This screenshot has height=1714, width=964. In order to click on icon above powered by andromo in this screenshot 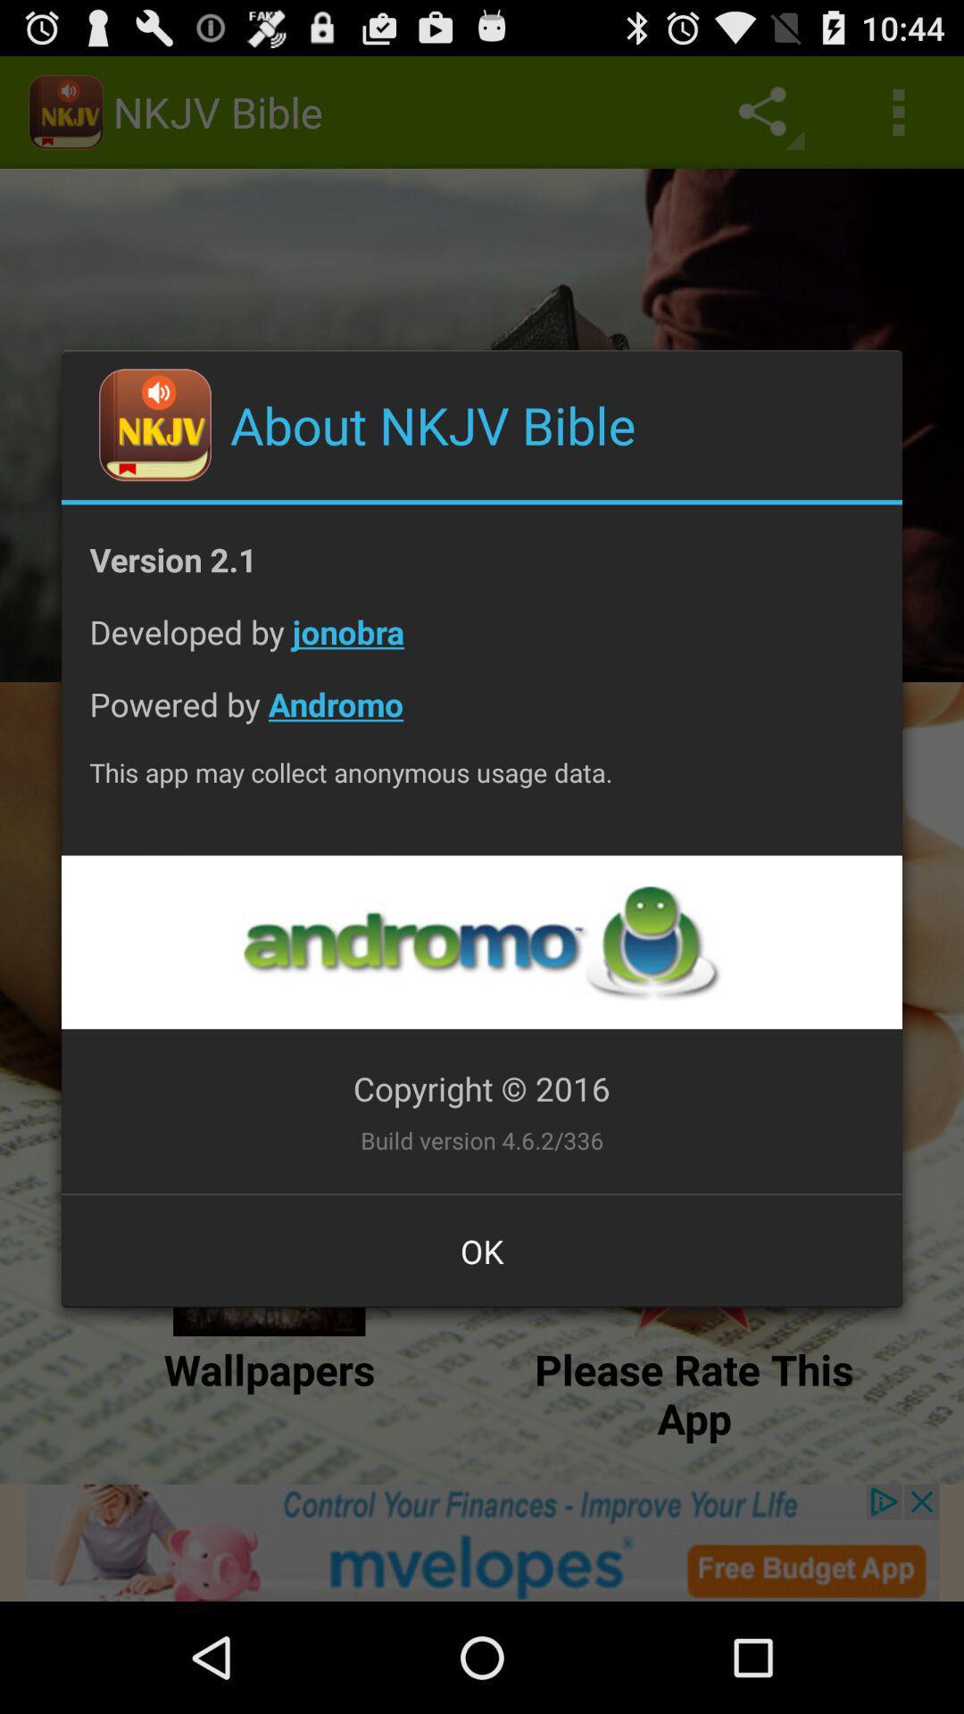, I will do `click(482, 645)`.